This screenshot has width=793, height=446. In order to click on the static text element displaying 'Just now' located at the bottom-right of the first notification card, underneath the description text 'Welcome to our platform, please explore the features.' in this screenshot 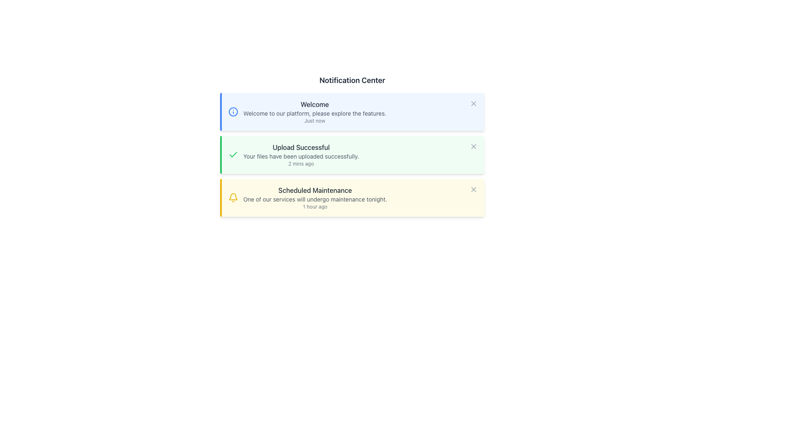, I will do `click(314, 121)`.